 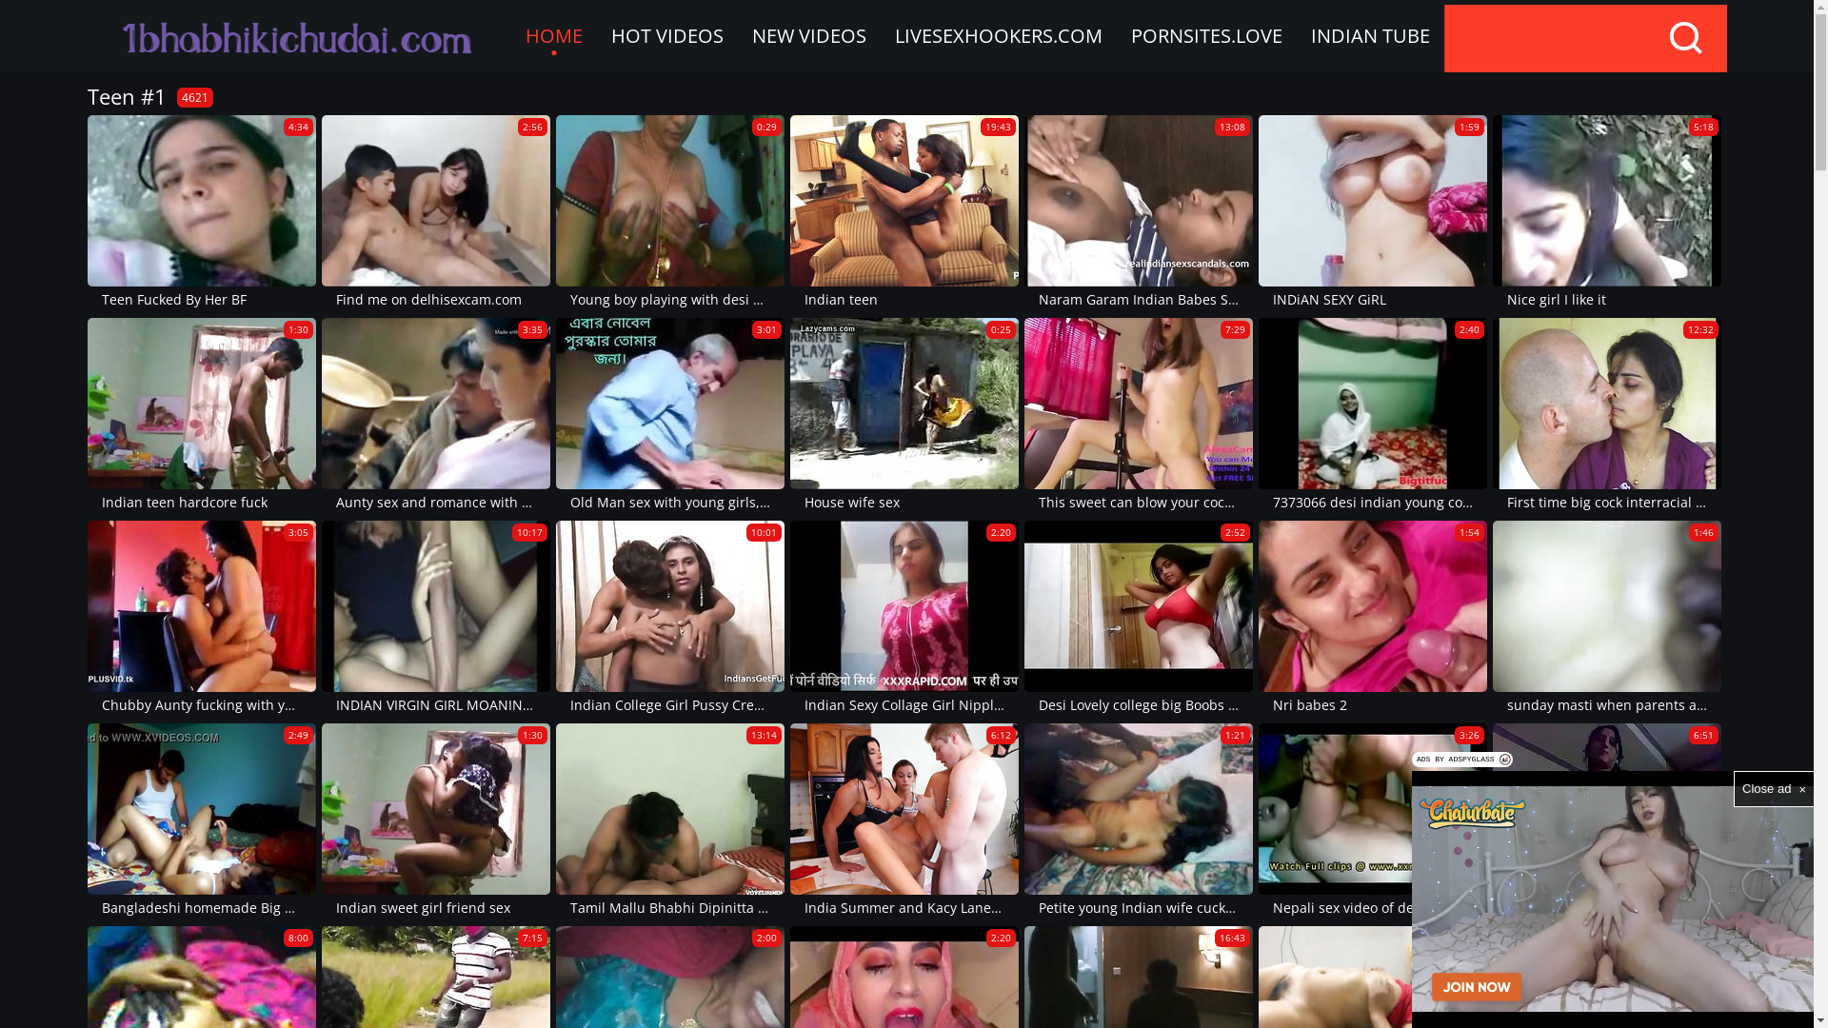 What do you see at coordinates (201, 415) in the screenshot?
I see `'1:30` at bounding box center [201, 415].